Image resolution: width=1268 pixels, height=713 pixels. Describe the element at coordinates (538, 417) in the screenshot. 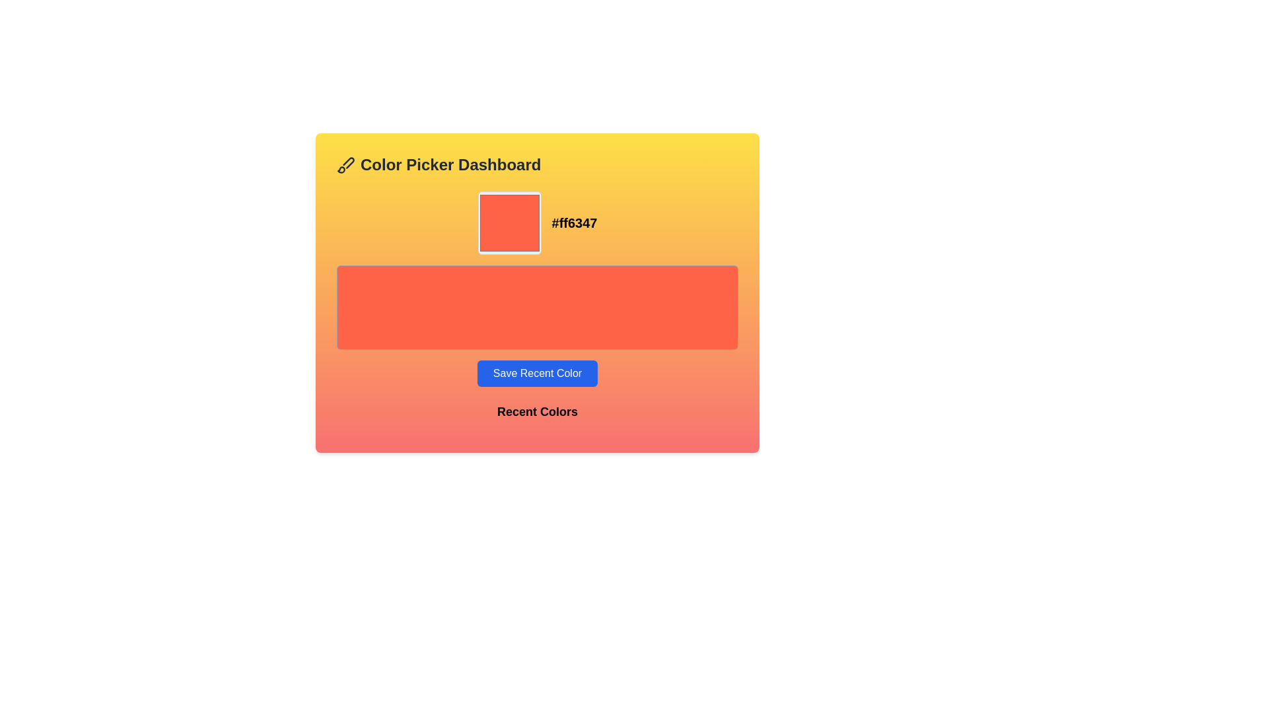

I see `the Text header that serves as a label for the section displaying recently selected or saved colors, positioned below the 'Save Recent Color' button` at that location.